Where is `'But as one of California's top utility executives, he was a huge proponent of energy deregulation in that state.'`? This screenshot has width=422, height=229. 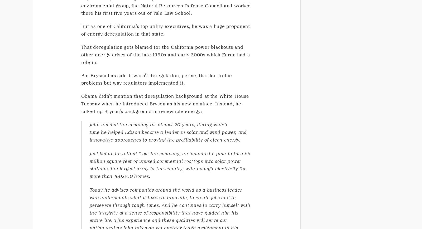
'But as one of California's top utility executives, he was a huge proponent of energy deregulation in that state.' is located at coordinates (165, 30).